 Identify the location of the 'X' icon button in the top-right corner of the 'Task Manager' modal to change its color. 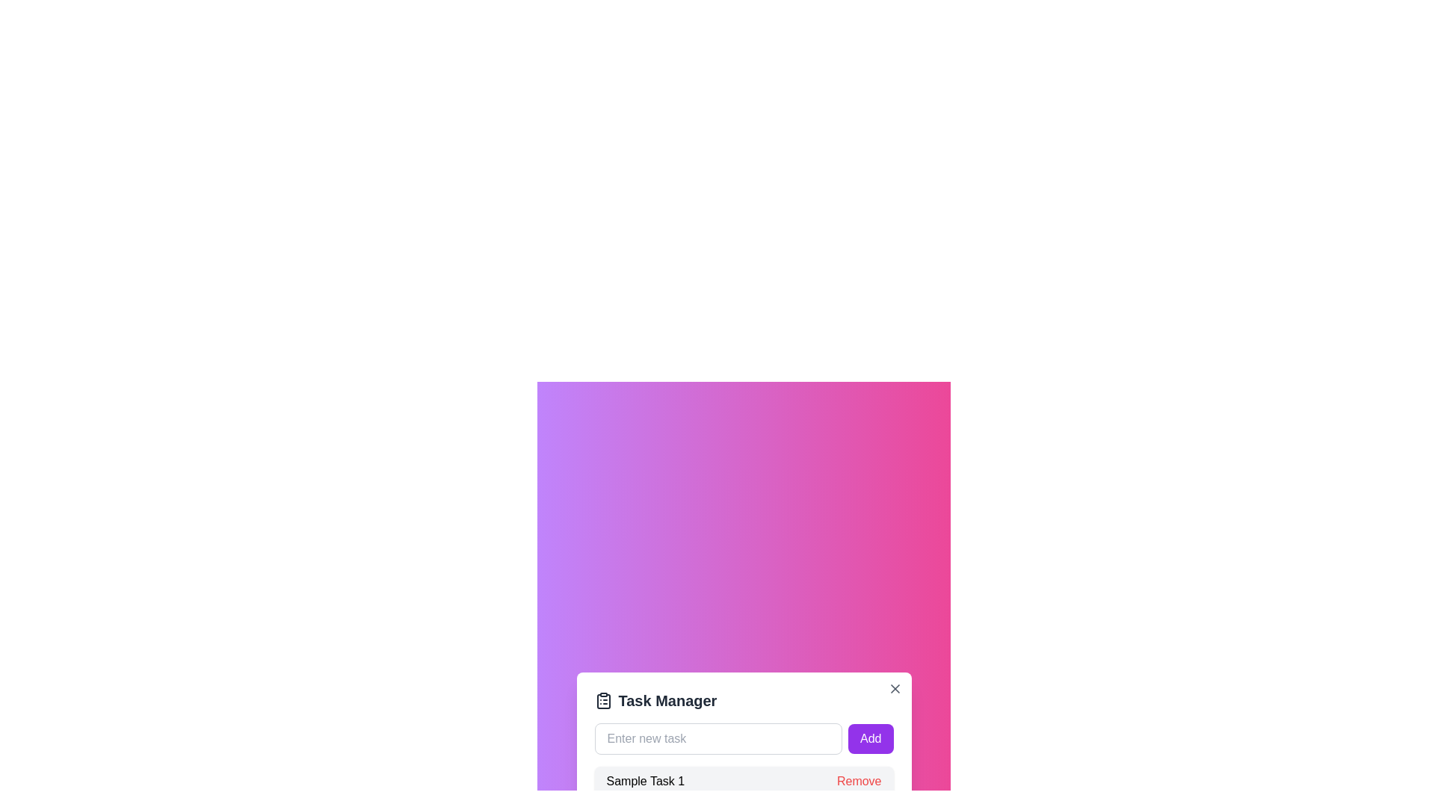
(895, 688).